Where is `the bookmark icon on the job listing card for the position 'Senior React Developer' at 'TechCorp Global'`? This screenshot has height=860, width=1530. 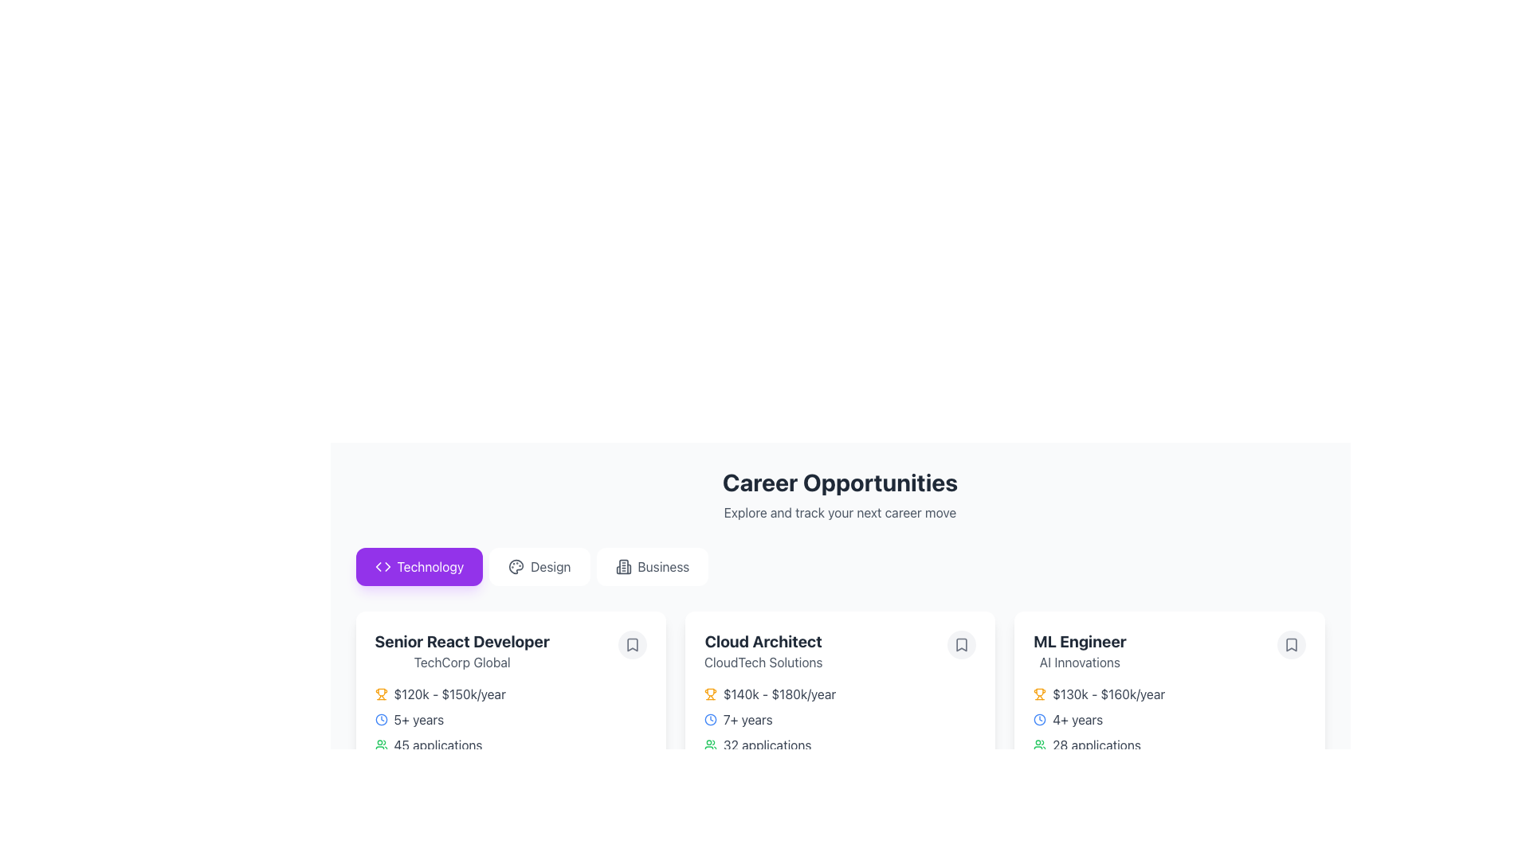
the bookmark icon on the job listing card for the position 'Senior React Developer' at 'TechCorp Global' is located at coordinates (511, 651).